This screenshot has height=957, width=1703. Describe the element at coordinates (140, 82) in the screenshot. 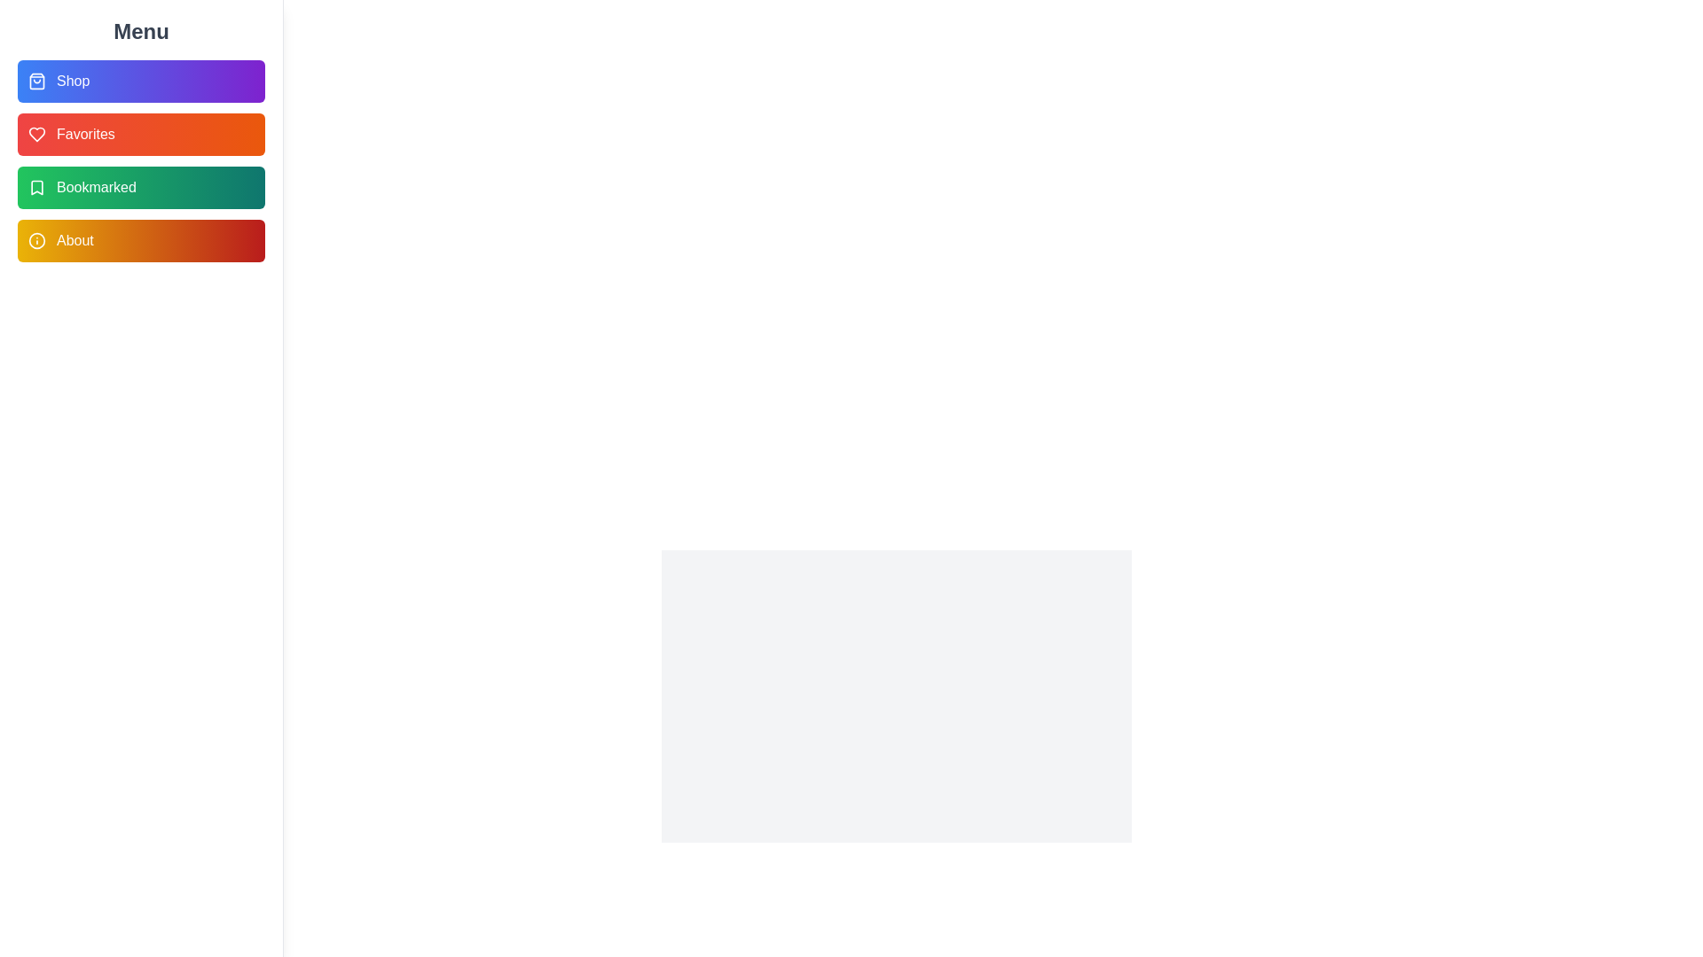

I see `the Shop menu item` at that location.